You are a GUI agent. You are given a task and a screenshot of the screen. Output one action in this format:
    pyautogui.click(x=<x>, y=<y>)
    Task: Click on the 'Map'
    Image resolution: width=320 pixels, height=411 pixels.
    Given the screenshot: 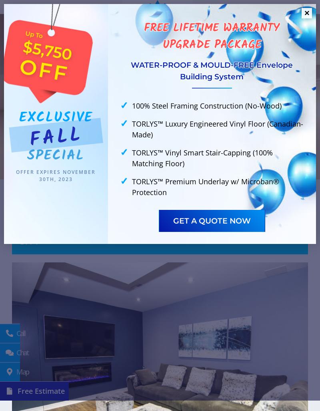 What is the action you would take?
    pyautogui.click(x=14, y=372)
    